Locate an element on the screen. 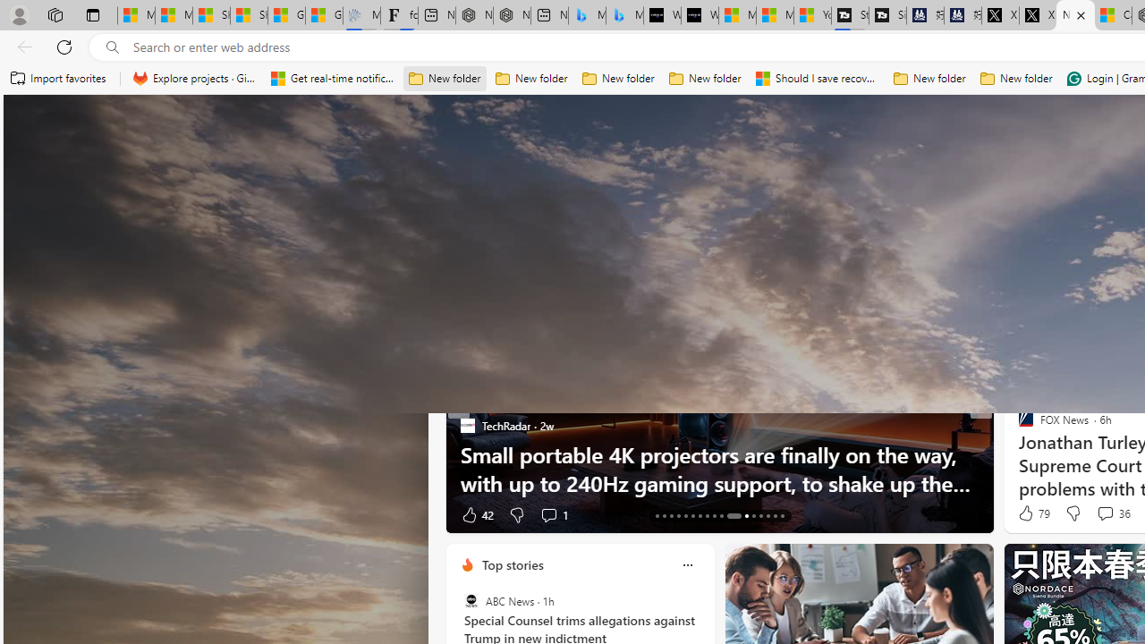  'Import favorites' is located at coordinates (58, 78).